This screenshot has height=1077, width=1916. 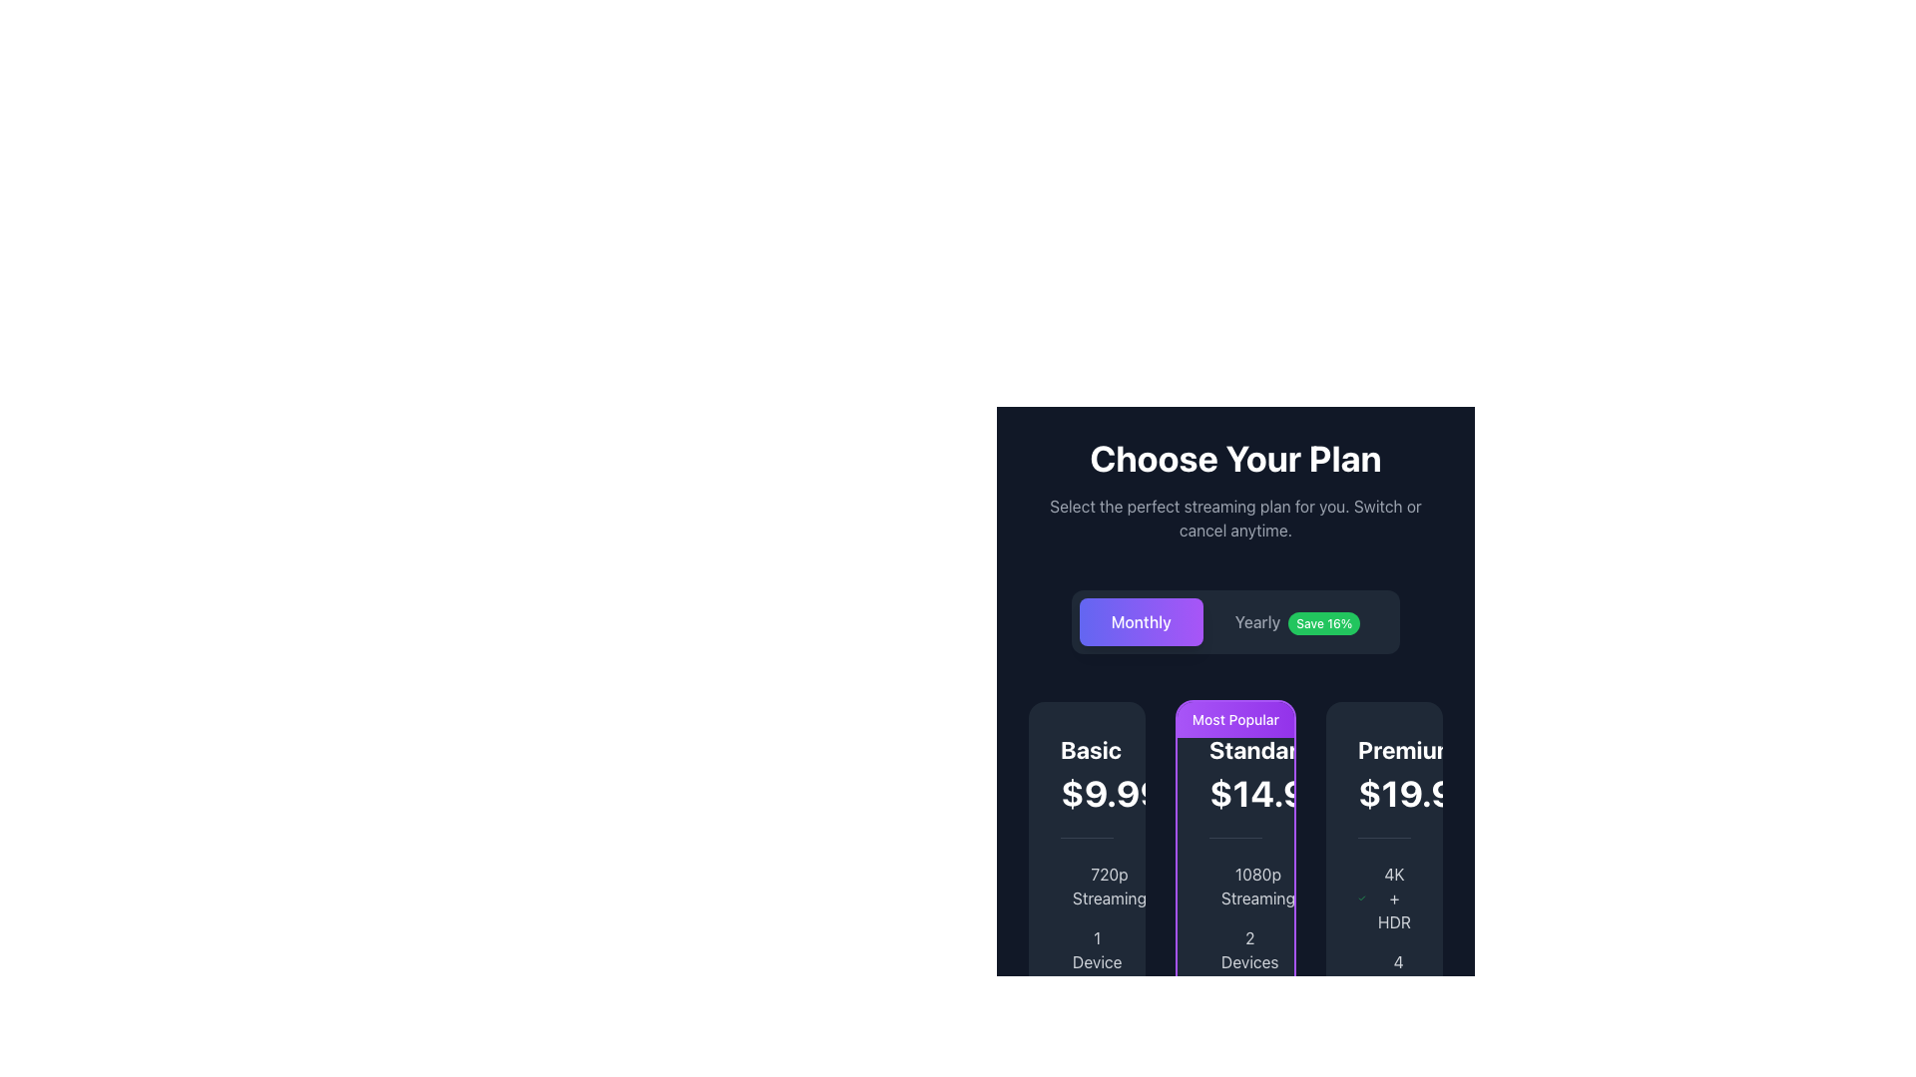 I want to click on bold text label 'Standard', which is prominently displayed in white font against a dark background, located at the upper-central area of the 'Most Popular' pricing card, so click(x=1234, y=750).